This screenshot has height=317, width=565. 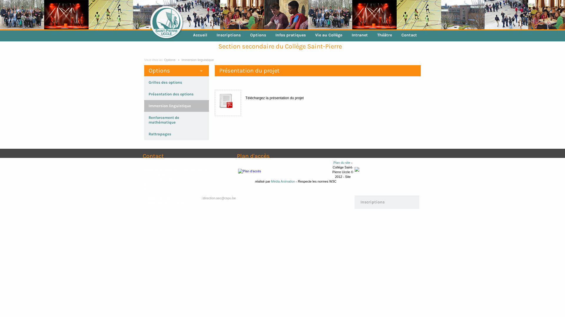 I want to click on 'Infos pratiques', so click(x=290, y=35).